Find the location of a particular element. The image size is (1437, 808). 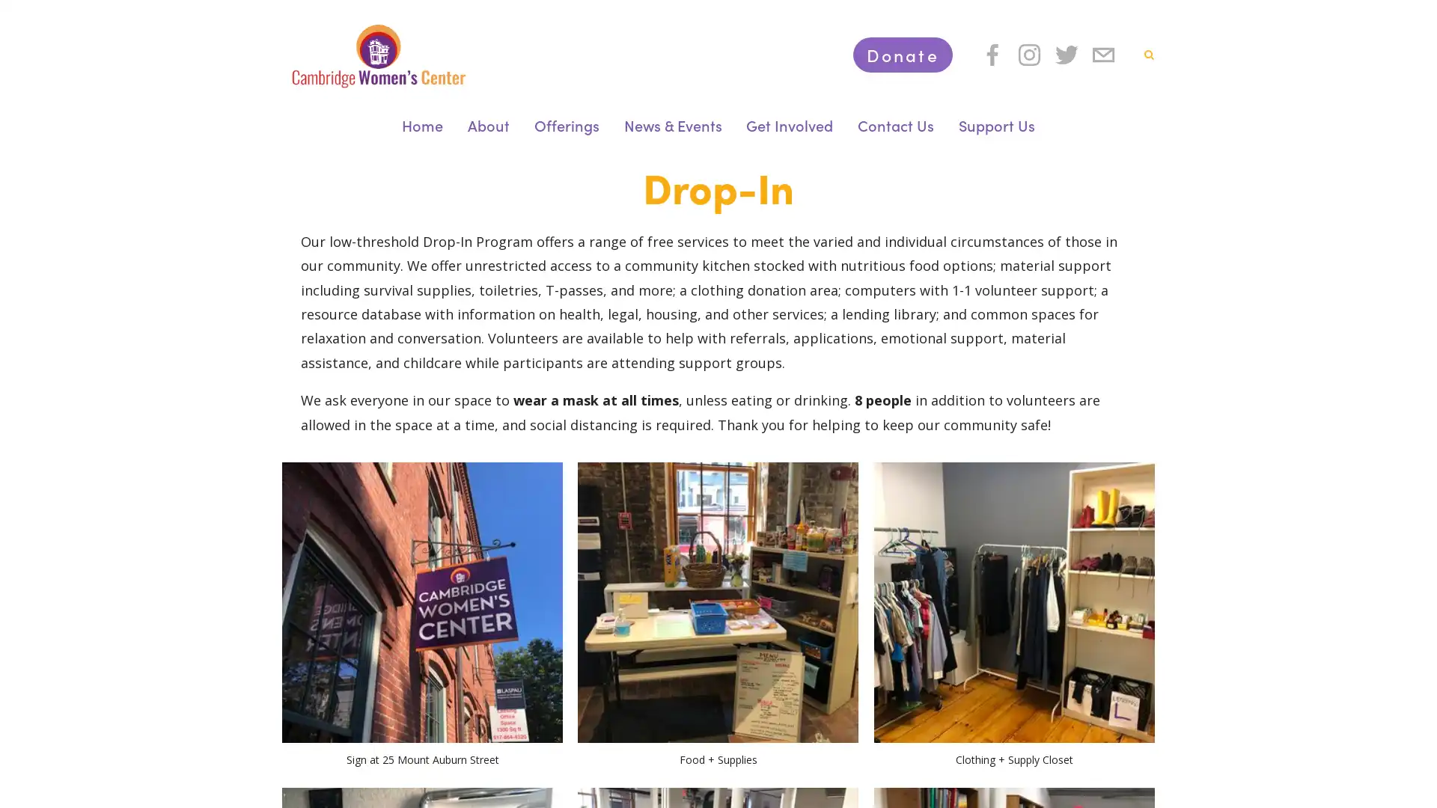

View fullsize Clothing + Supply Closet is located at coordinates (1013, 602).